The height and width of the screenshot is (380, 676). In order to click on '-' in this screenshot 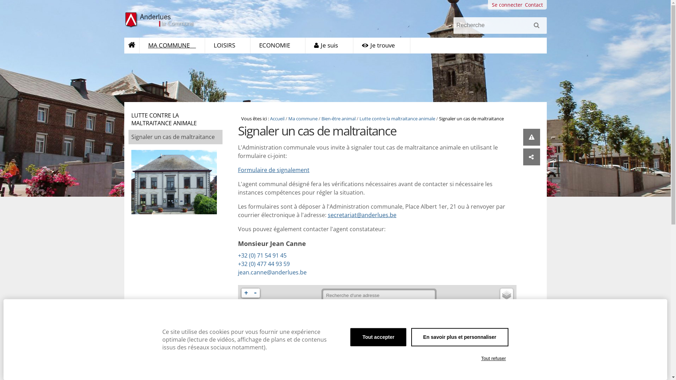, I will do `click(255, 293)`.